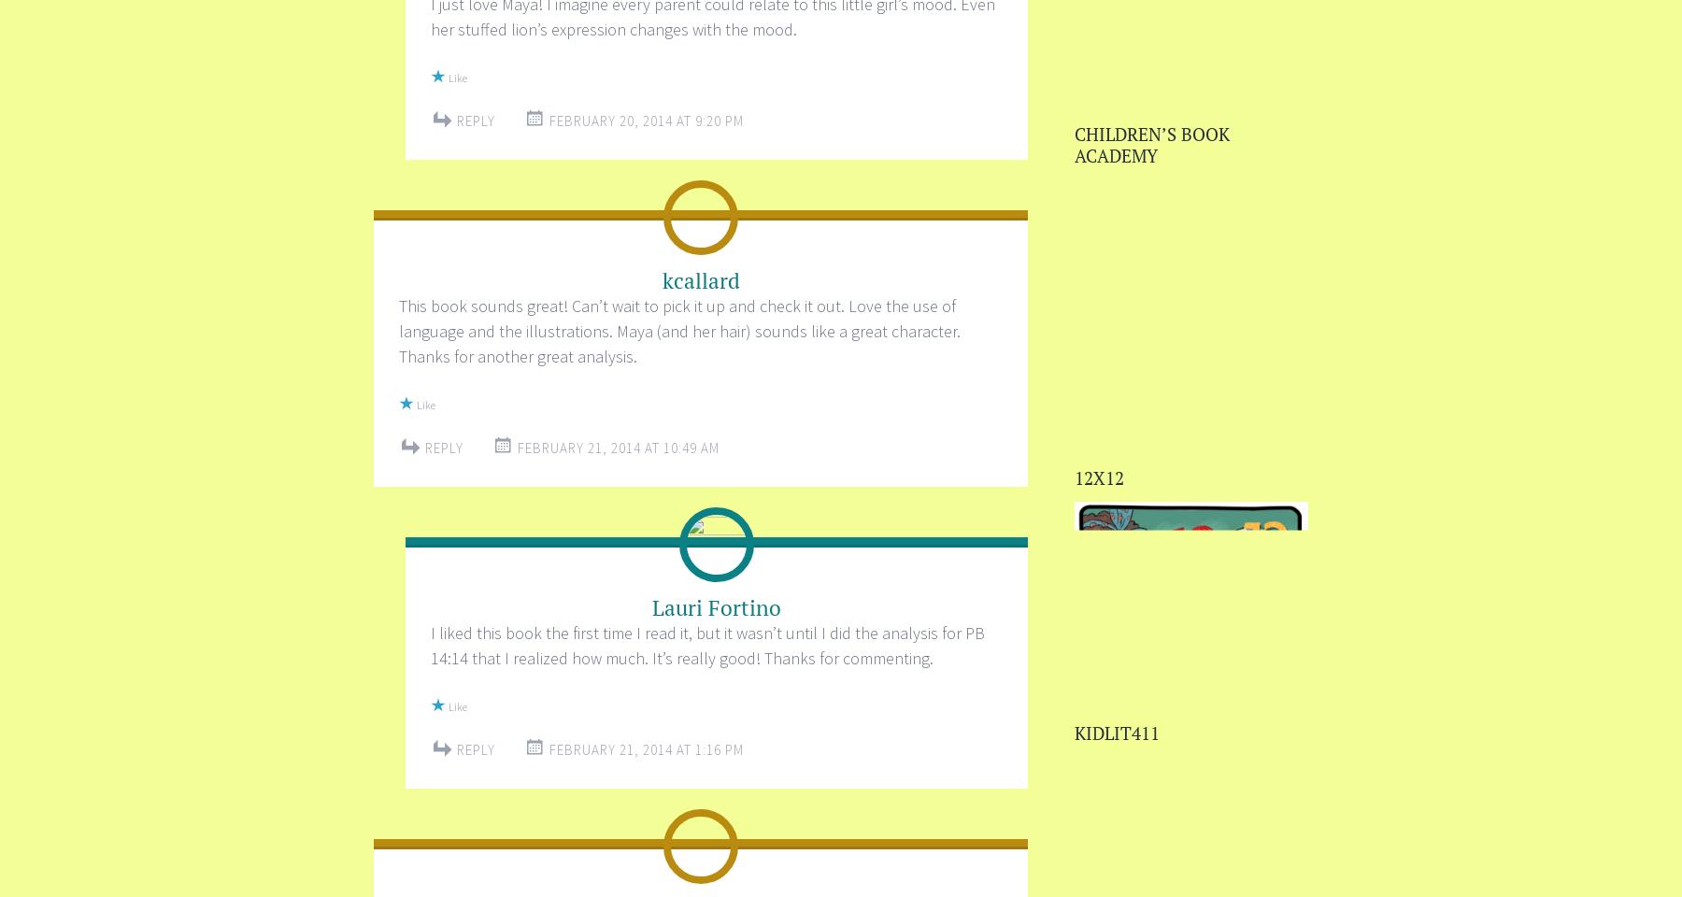 Image resolution: width=1682 pixels, height=897 pixels. Describe the element at coordinates (645, 120) in the screenshot. I see `'February 20, 2014 at 9:20 PM'` at that location.